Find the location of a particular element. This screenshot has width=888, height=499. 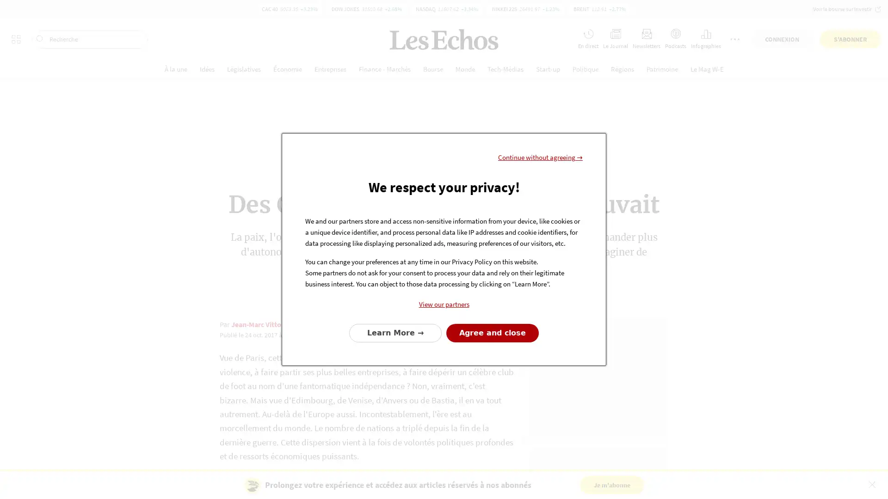

CONNEXION is located at coordinates (781, 12).